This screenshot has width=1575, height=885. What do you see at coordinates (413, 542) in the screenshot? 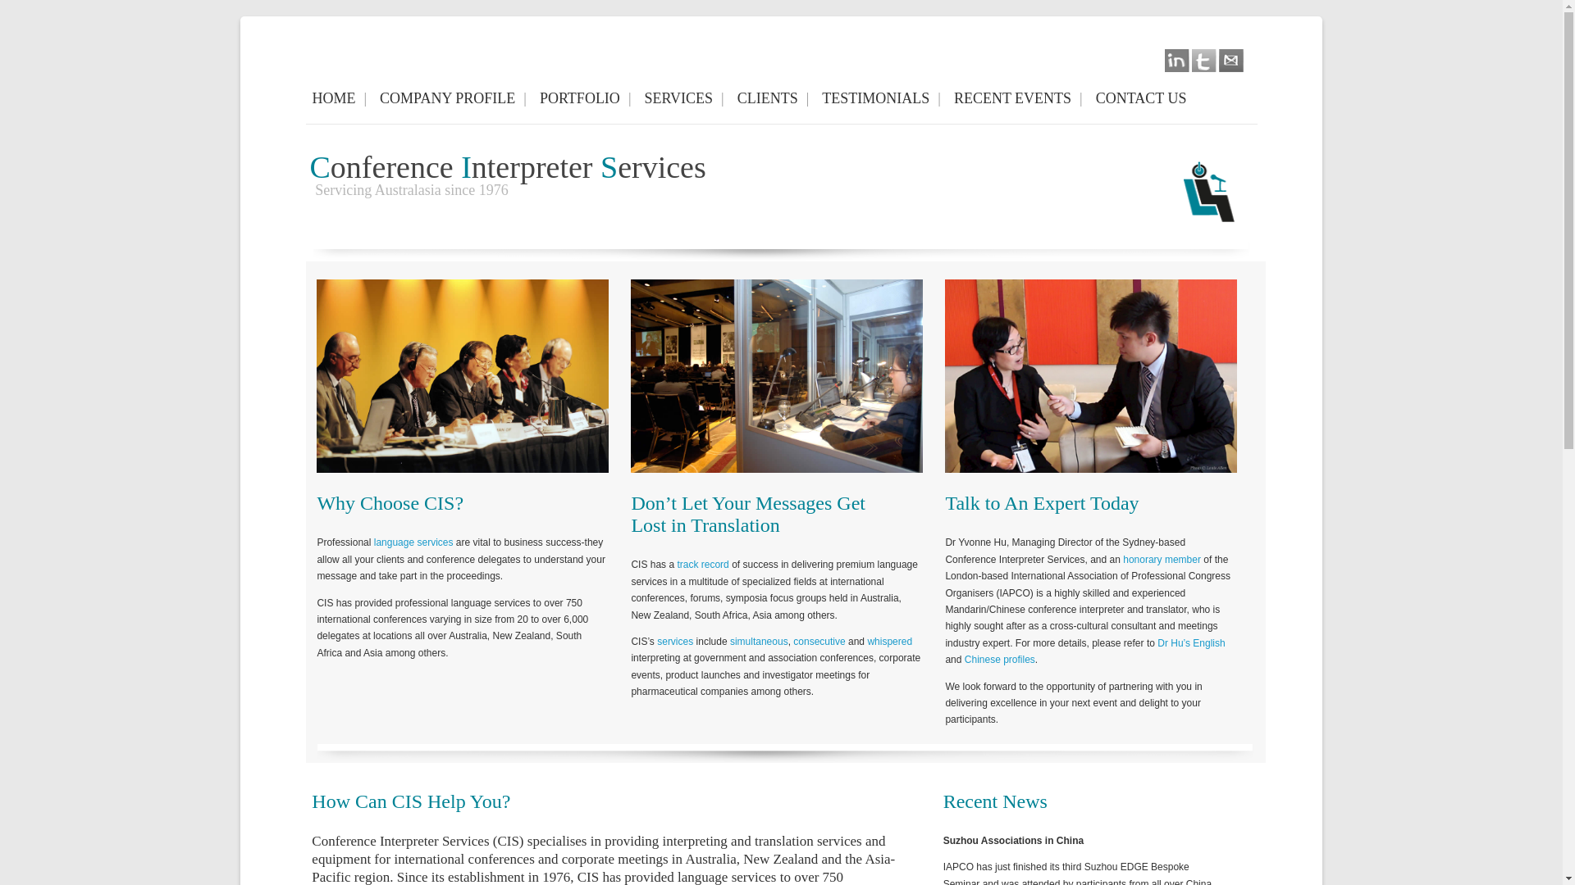
I see `'language services'` at bounding box center [413, 542].